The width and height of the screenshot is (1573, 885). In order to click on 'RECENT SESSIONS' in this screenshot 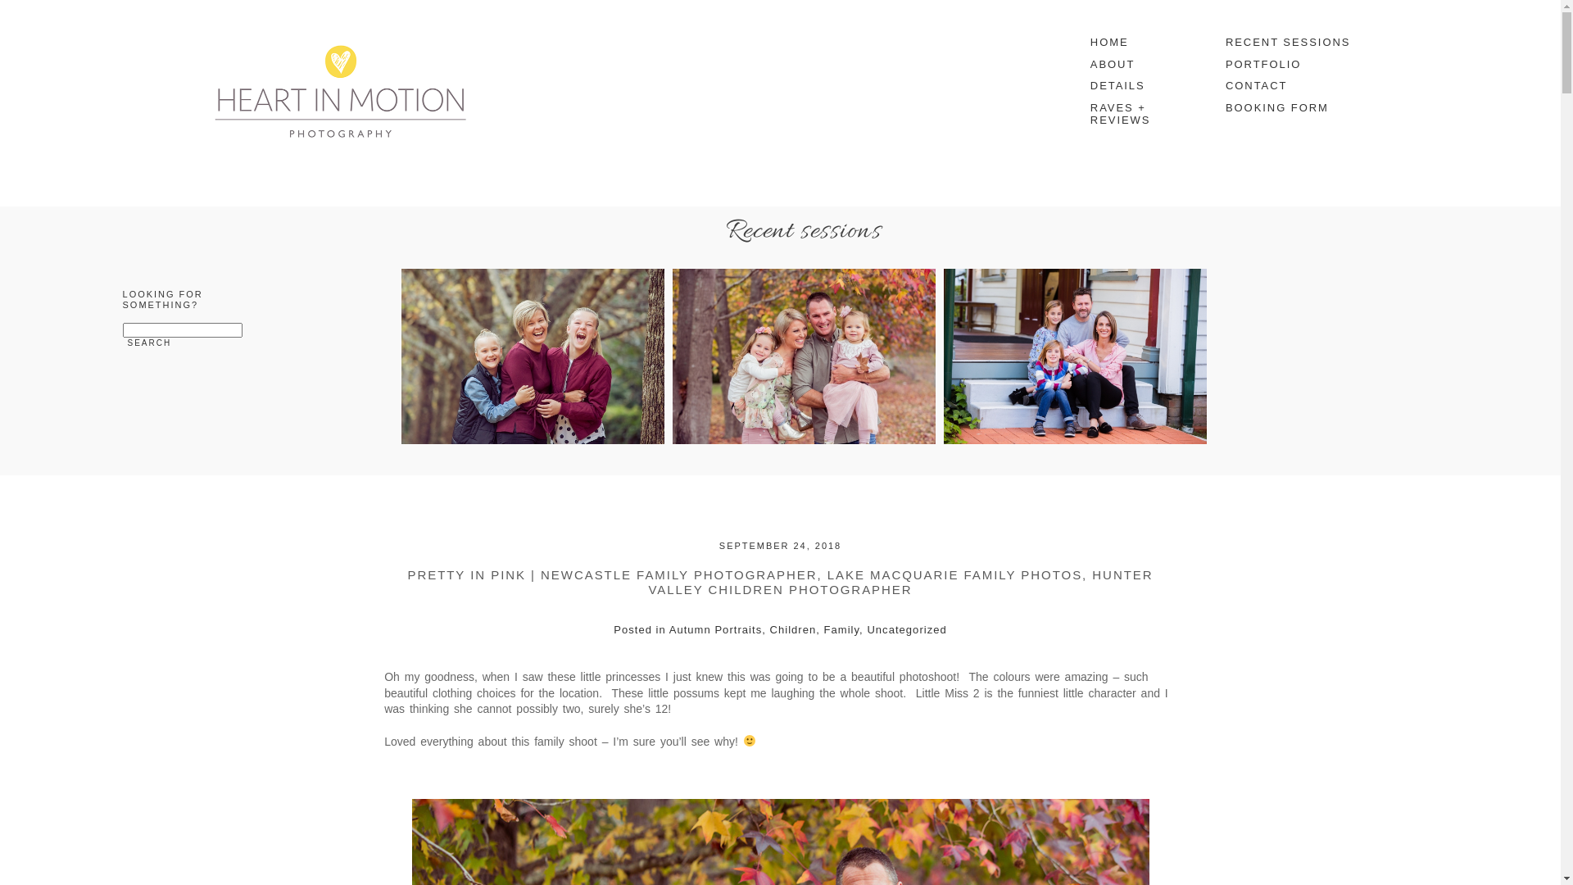, I will do `click(1289, 41)`.